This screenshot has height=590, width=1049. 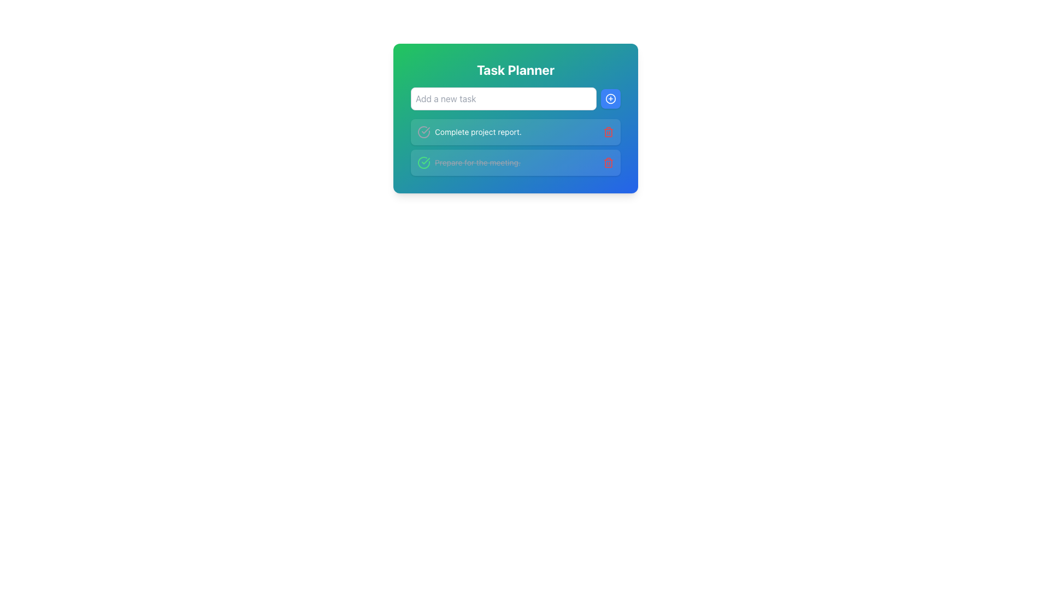 I want to click on the central circle of the SVG icon, which is styled with a defined border and is part of the icon that includes a plus sign, located to the right of the 'Add a new task' input field in the task planner interface, so click(x=610, y=99).